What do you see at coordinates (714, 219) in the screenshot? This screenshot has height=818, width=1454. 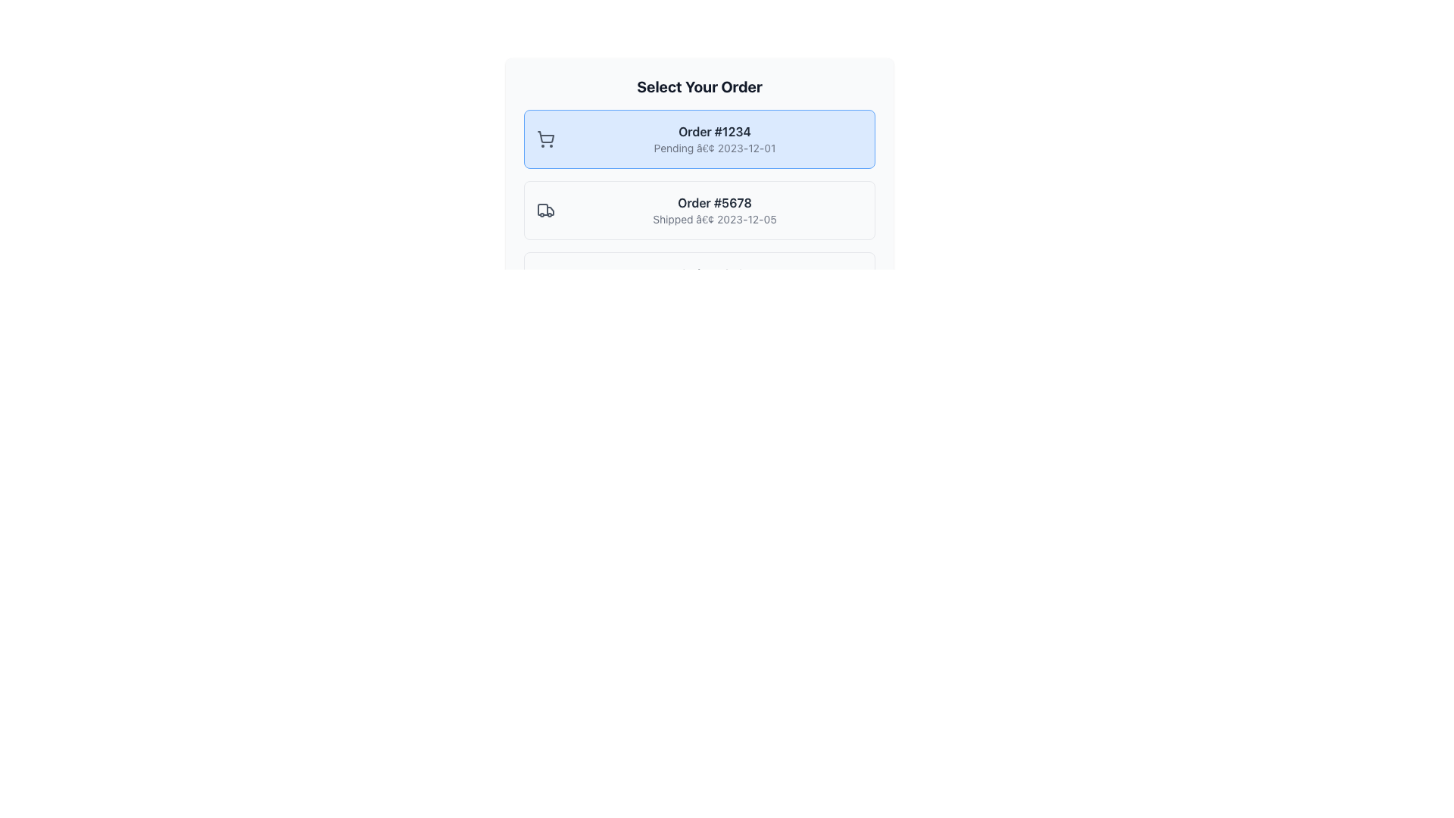 I see `the static text label displaying the shipping status 'Shipped' and the date '2023-12-05' for Order #5678, which is located under the title 'Order #5678'` at bounding box center [714, 219].